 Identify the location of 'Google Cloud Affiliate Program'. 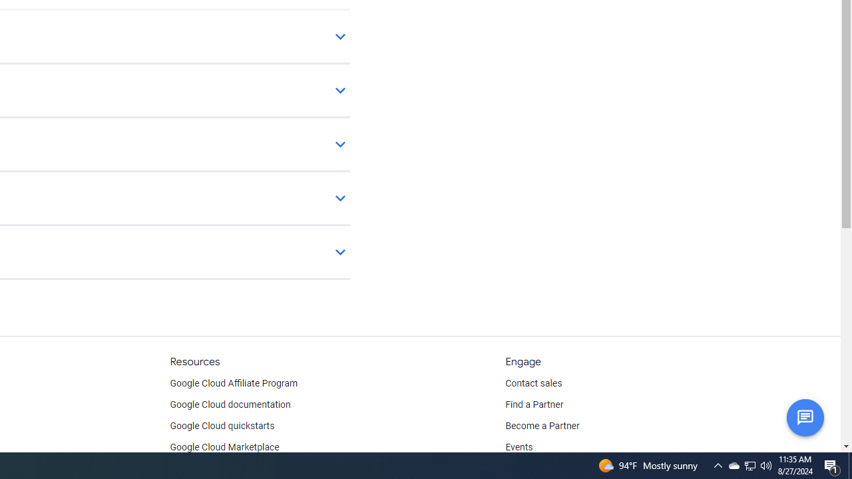
(234, 384).